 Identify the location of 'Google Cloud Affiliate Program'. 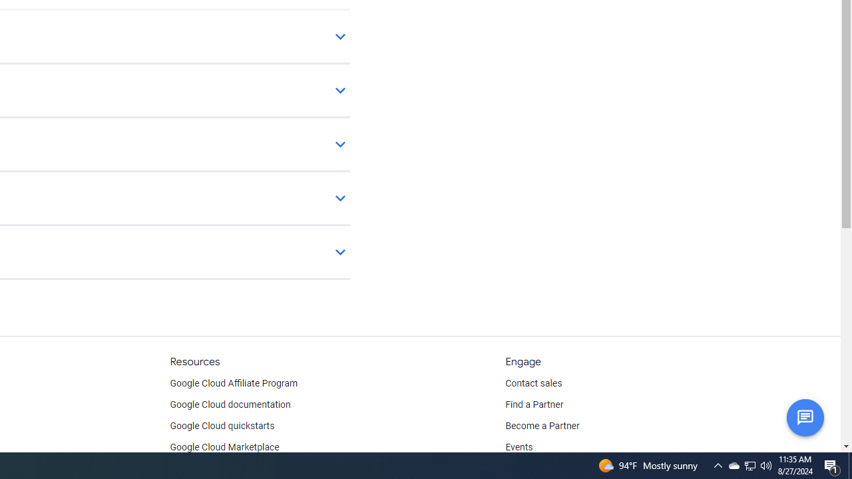
(234, 384).